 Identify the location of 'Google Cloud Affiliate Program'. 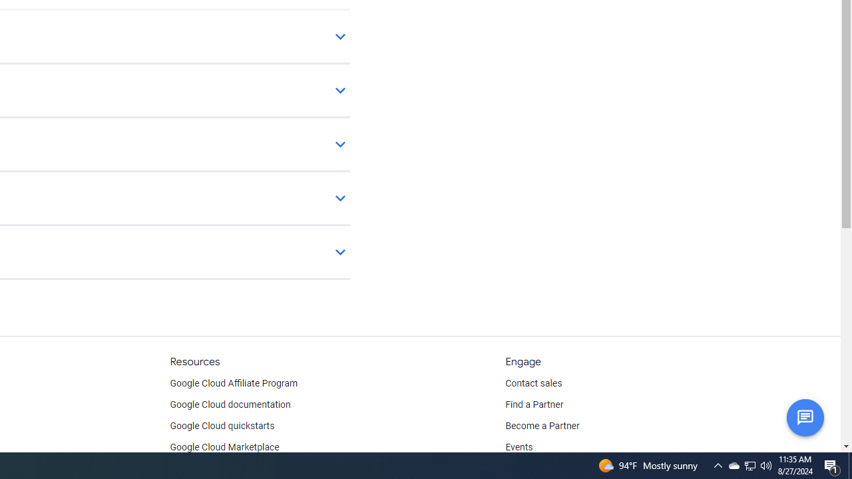
(234, 384).